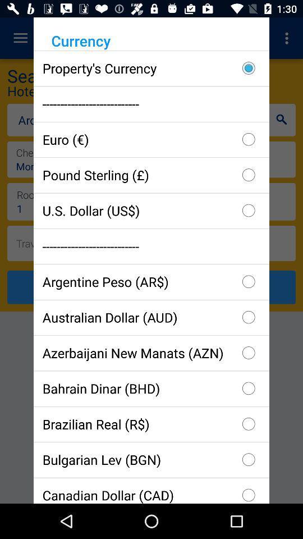 Image resolution: width=303 pixels, height=539 pixels. Describe the element at coordinates (151, 490) in the screenshot. I see `item below the bulgarian lev (bgn) item` at that location.